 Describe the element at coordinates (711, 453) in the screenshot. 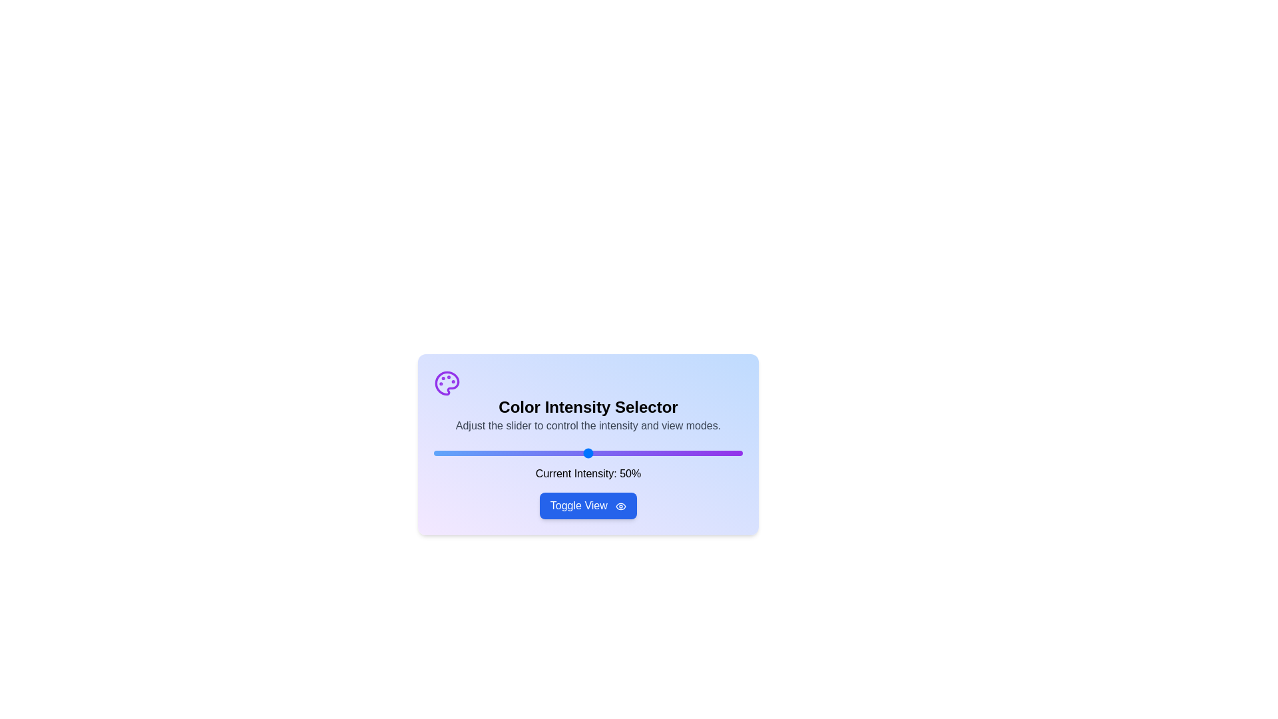

I see `the slider to set the intensity to 90%` at that location.